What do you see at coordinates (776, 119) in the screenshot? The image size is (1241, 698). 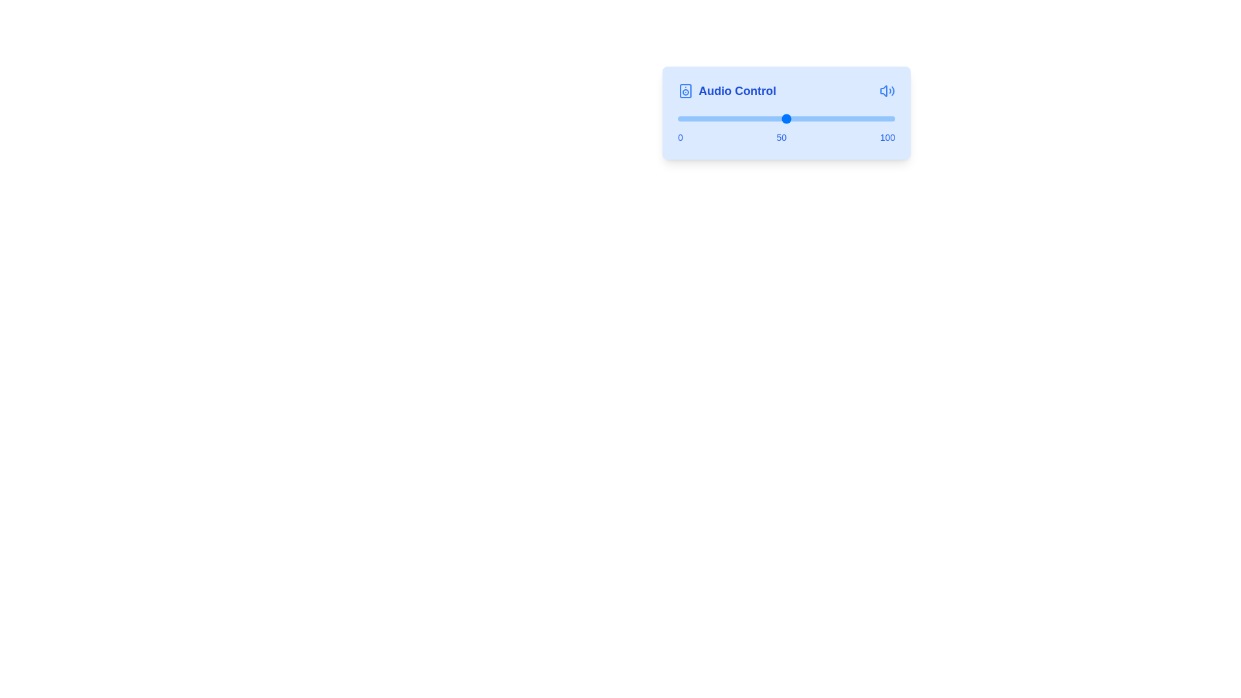 I see `the volume` at bounding box center [776, 119].